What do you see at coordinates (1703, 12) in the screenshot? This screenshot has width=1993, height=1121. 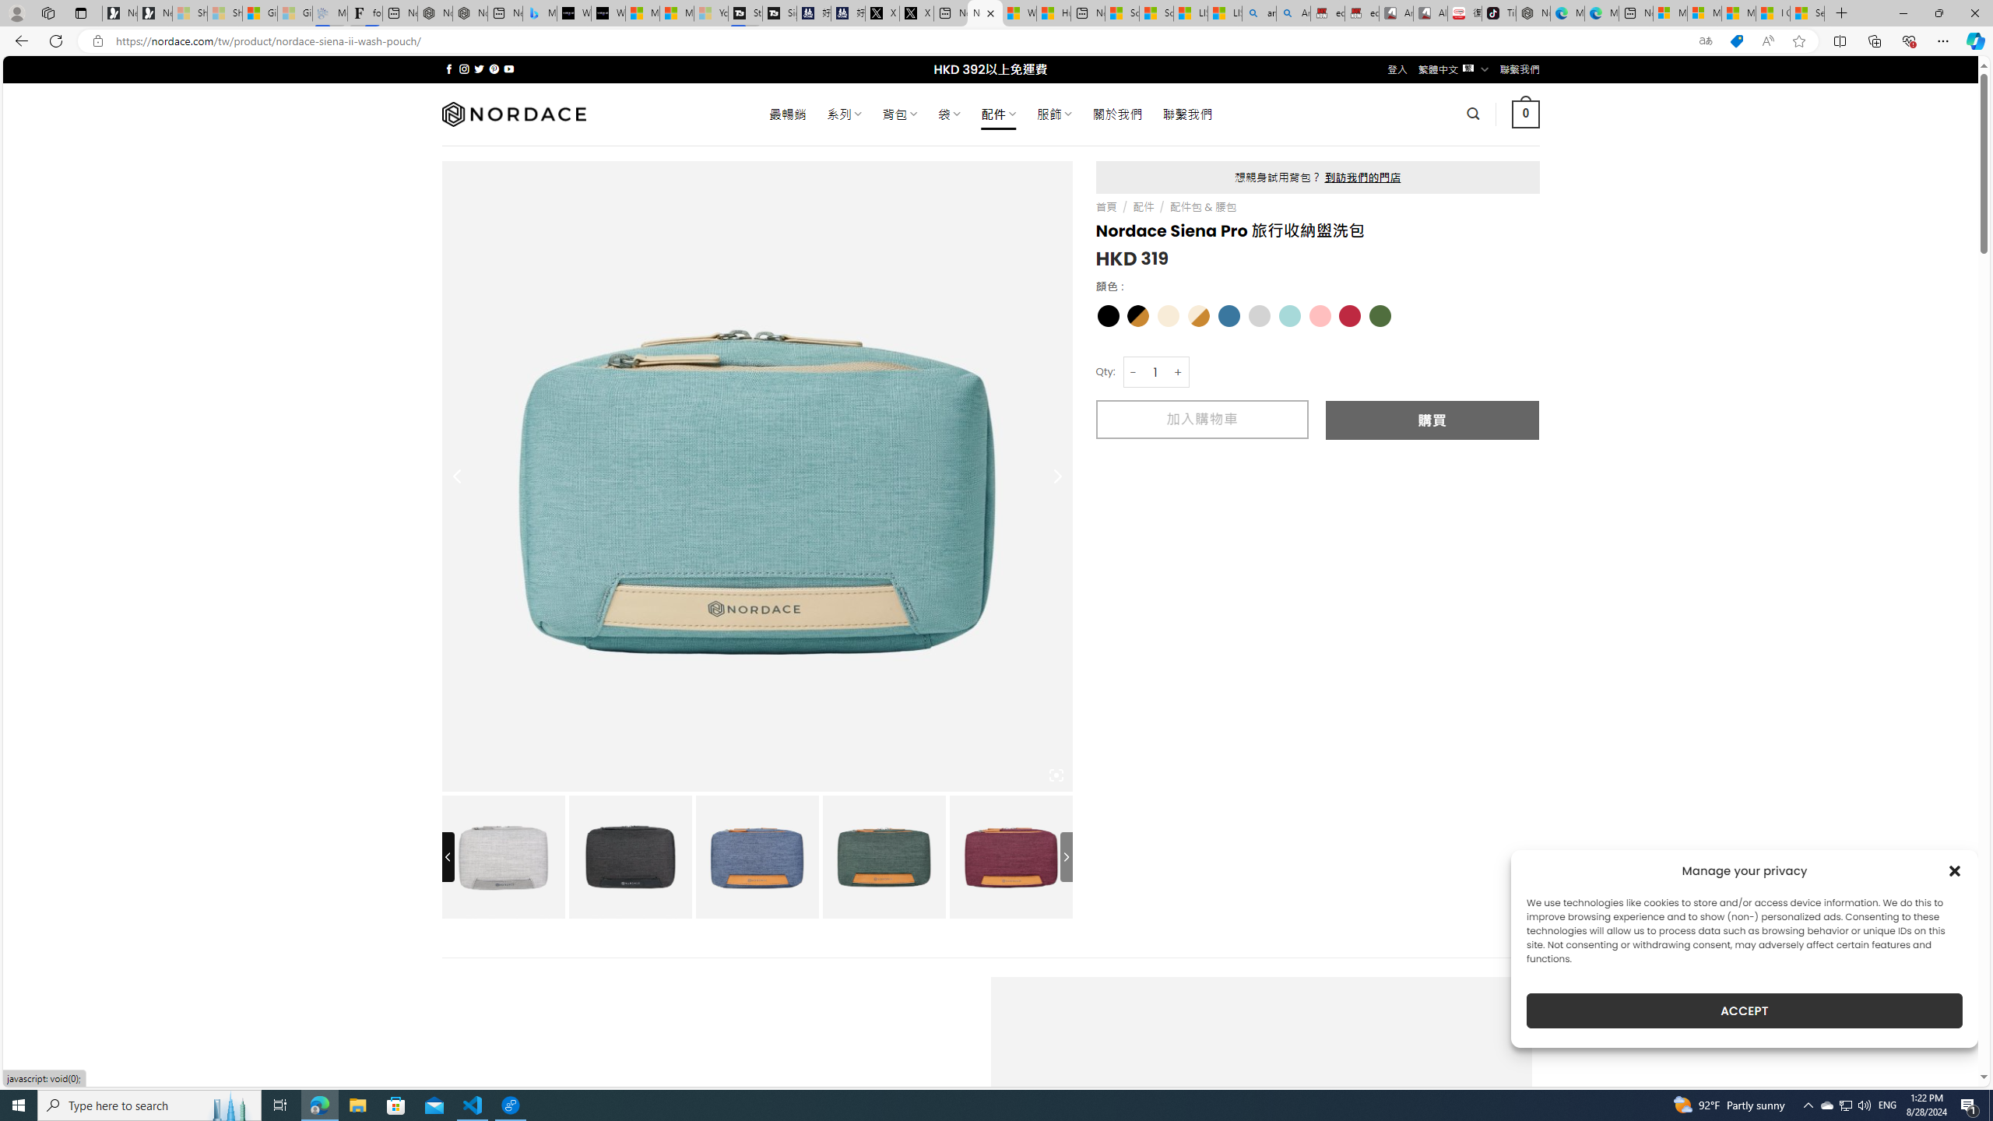 I see `'Microsoft account | Privacy'` at bounding box center [1703, 12].